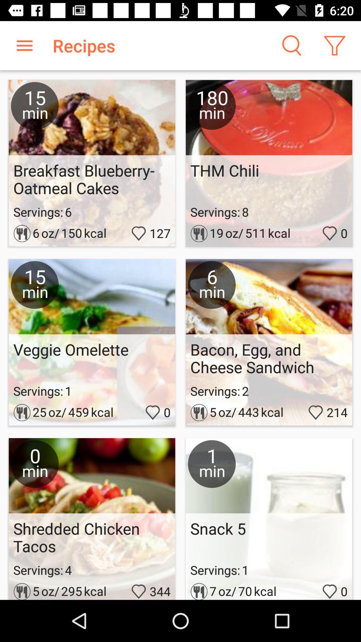  I want to click on search, so click(290, 45).